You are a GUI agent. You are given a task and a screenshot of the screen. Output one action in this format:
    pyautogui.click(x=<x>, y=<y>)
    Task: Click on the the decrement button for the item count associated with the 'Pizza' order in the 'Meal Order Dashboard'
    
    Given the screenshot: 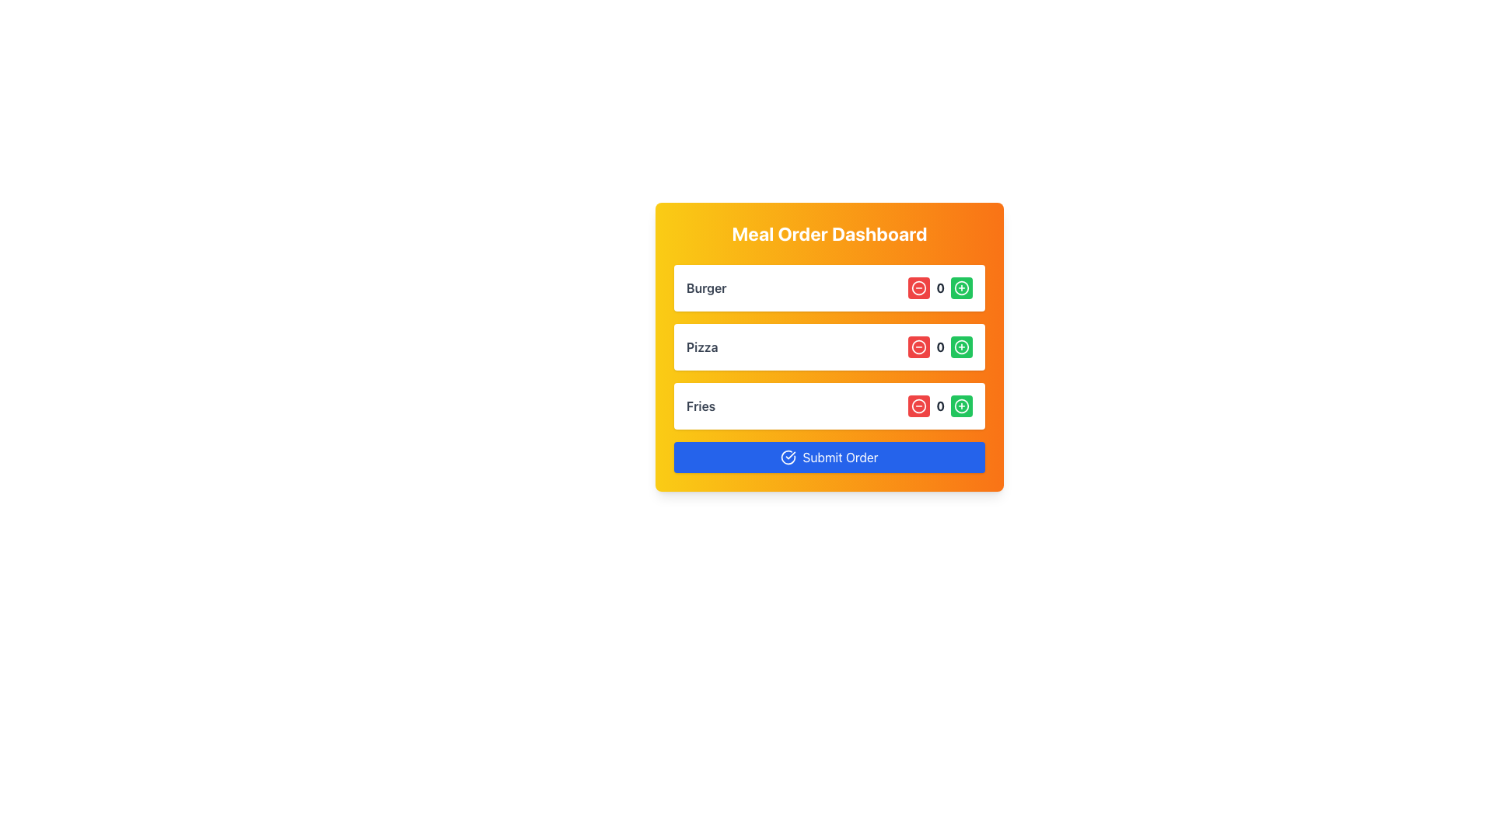 What is the action you would take?
    pyautogui.click(x=919, y=346)
    